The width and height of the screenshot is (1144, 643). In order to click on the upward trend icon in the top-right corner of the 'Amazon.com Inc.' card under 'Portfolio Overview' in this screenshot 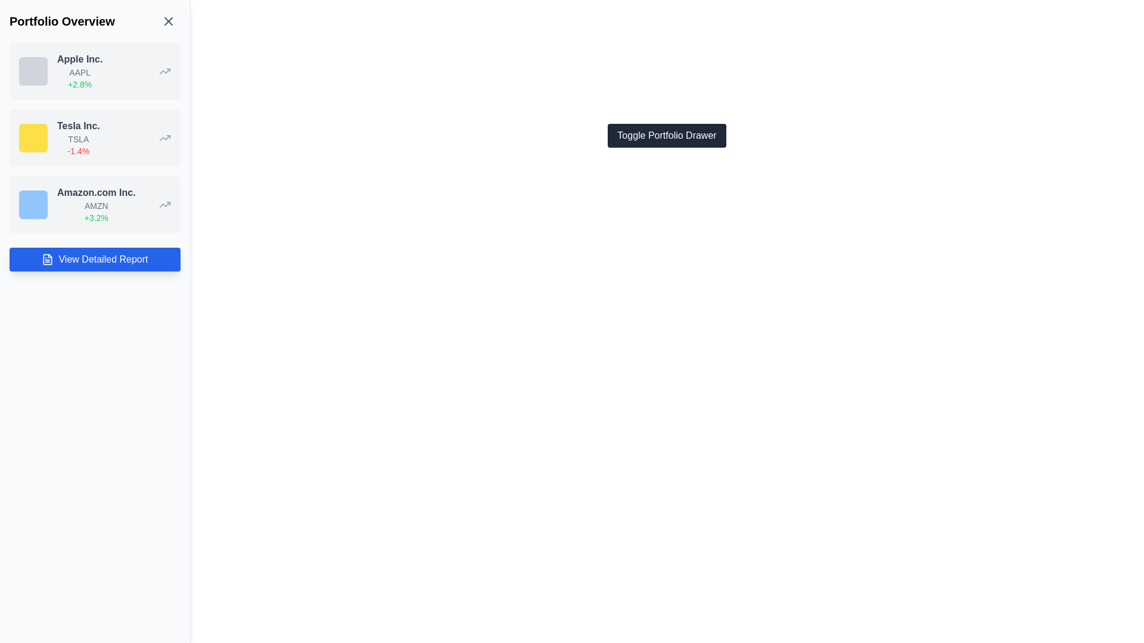, I will do `click(164, 204)`.